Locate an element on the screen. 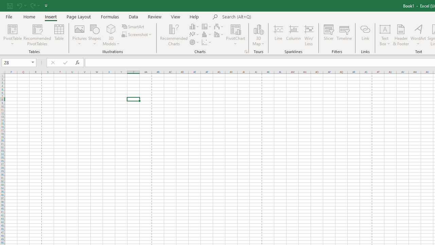  'PivotChart' is located at coordinates (236, 35).